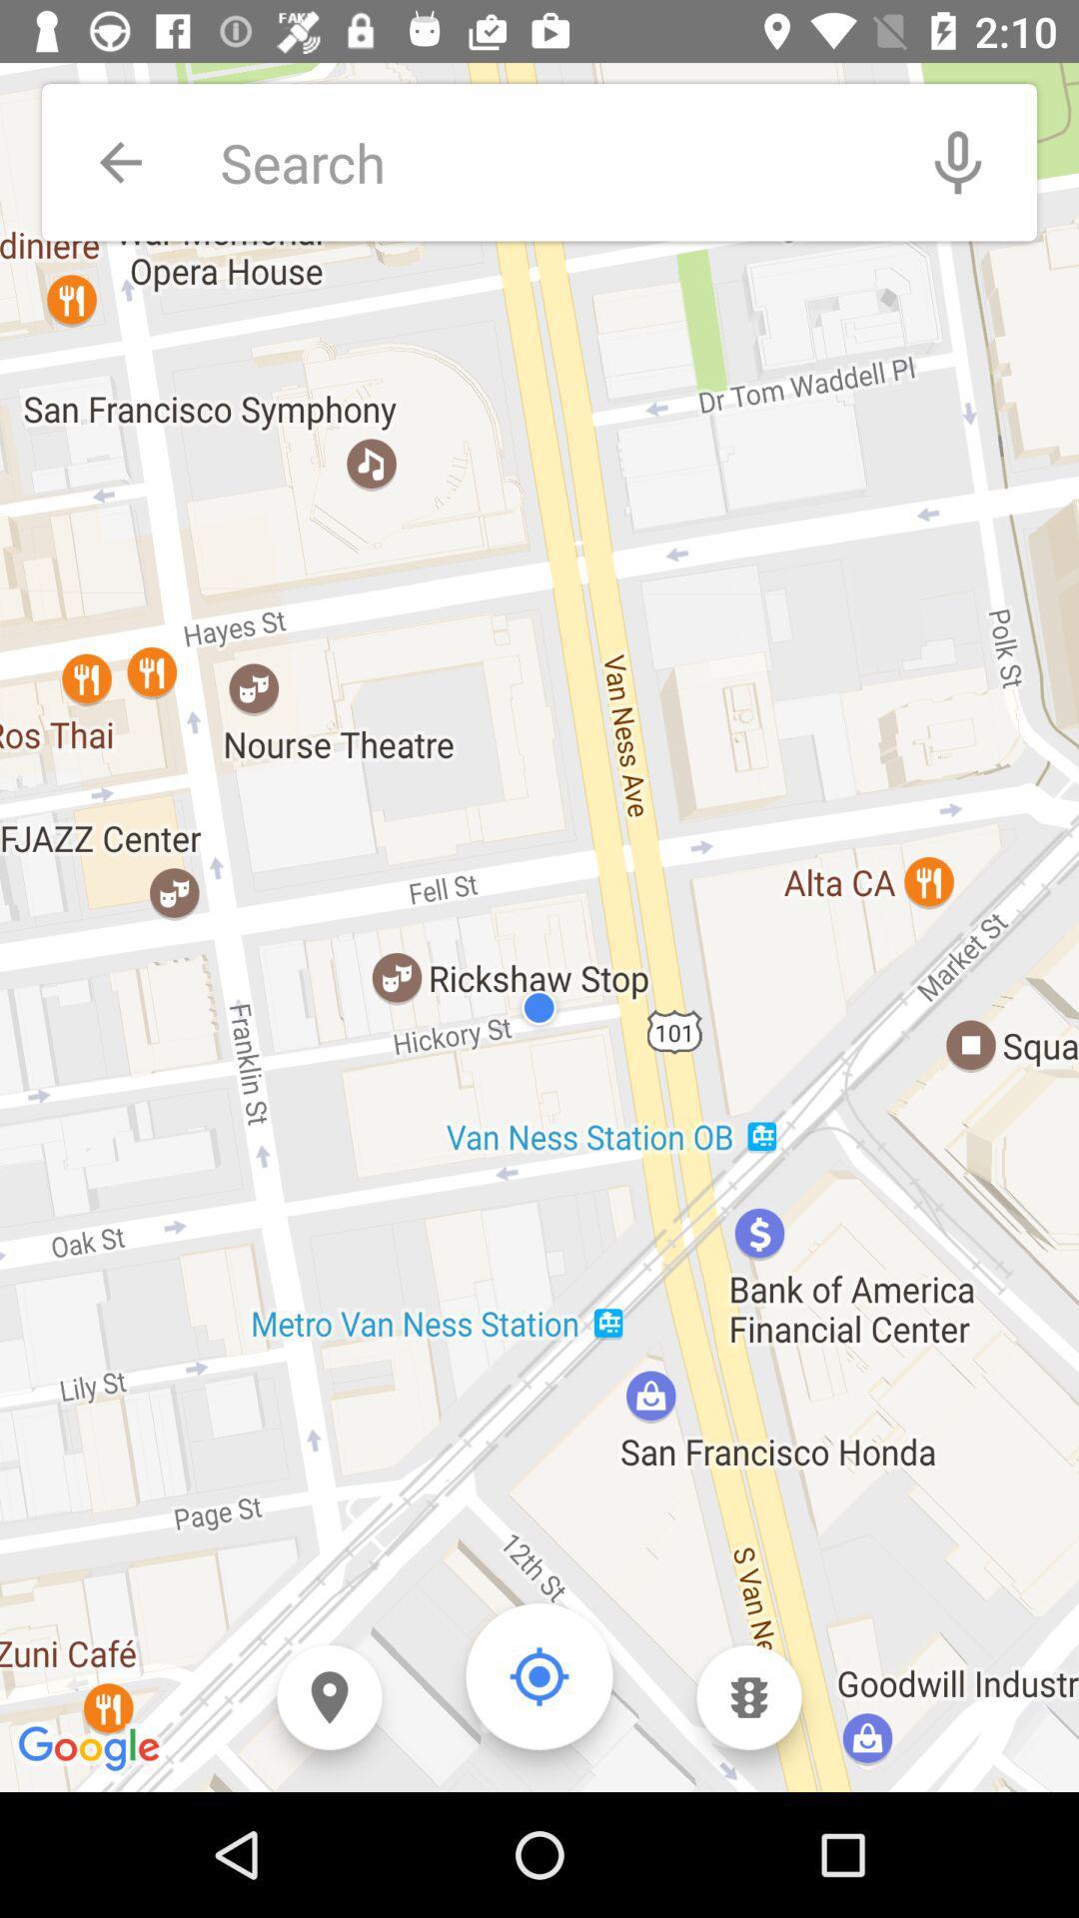 The width and height of the screenshot is (1079, 1918). What do you see at coordinates (957, 162) in the screenshot?
I see `search by voice` at bounding box center [957, 162].